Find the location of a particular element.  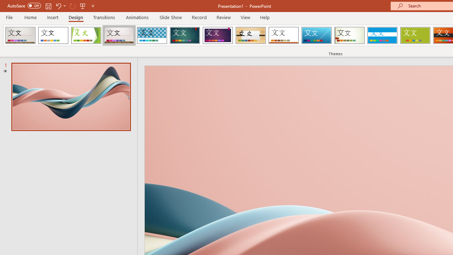

'Office Theme' is located at coordinates (53, 35).